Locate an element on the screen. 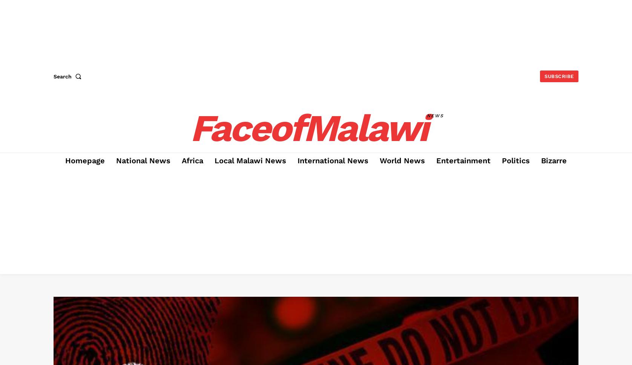 The image size is (632, 365). 'Subscribe' is located at coordinates (558, 76).